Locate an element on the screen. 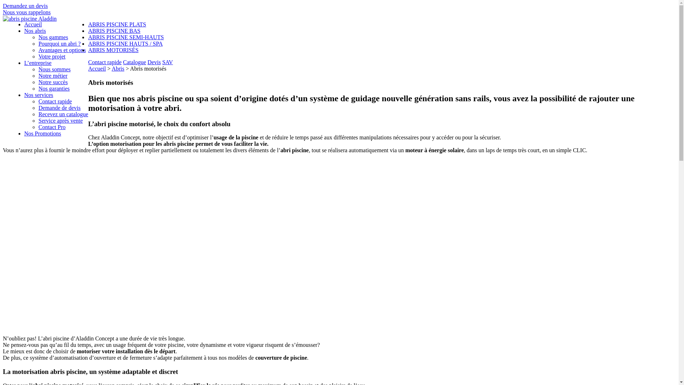 The width and height of the screenshot is (684, 385). 'ABRIS PISCINE BAS' is located at coordinates (114, 30).